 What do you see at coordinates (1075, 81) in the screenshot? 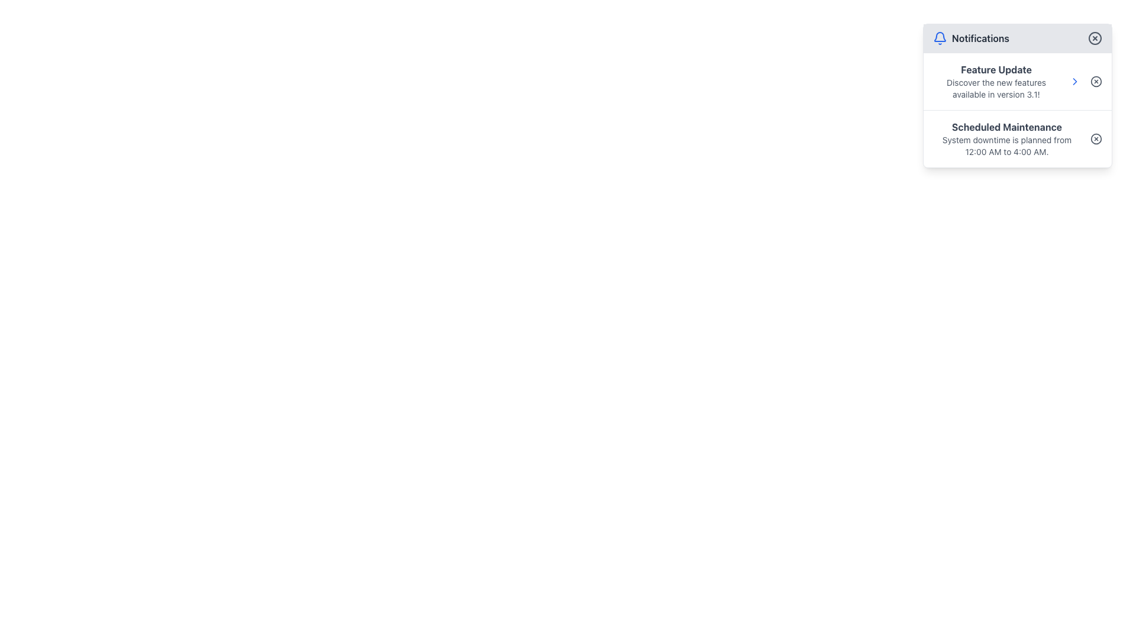
I see `the right-pointing chevron icon in the notification panel next to the 'Feature Update' text` at bounding box center [1075, 81].